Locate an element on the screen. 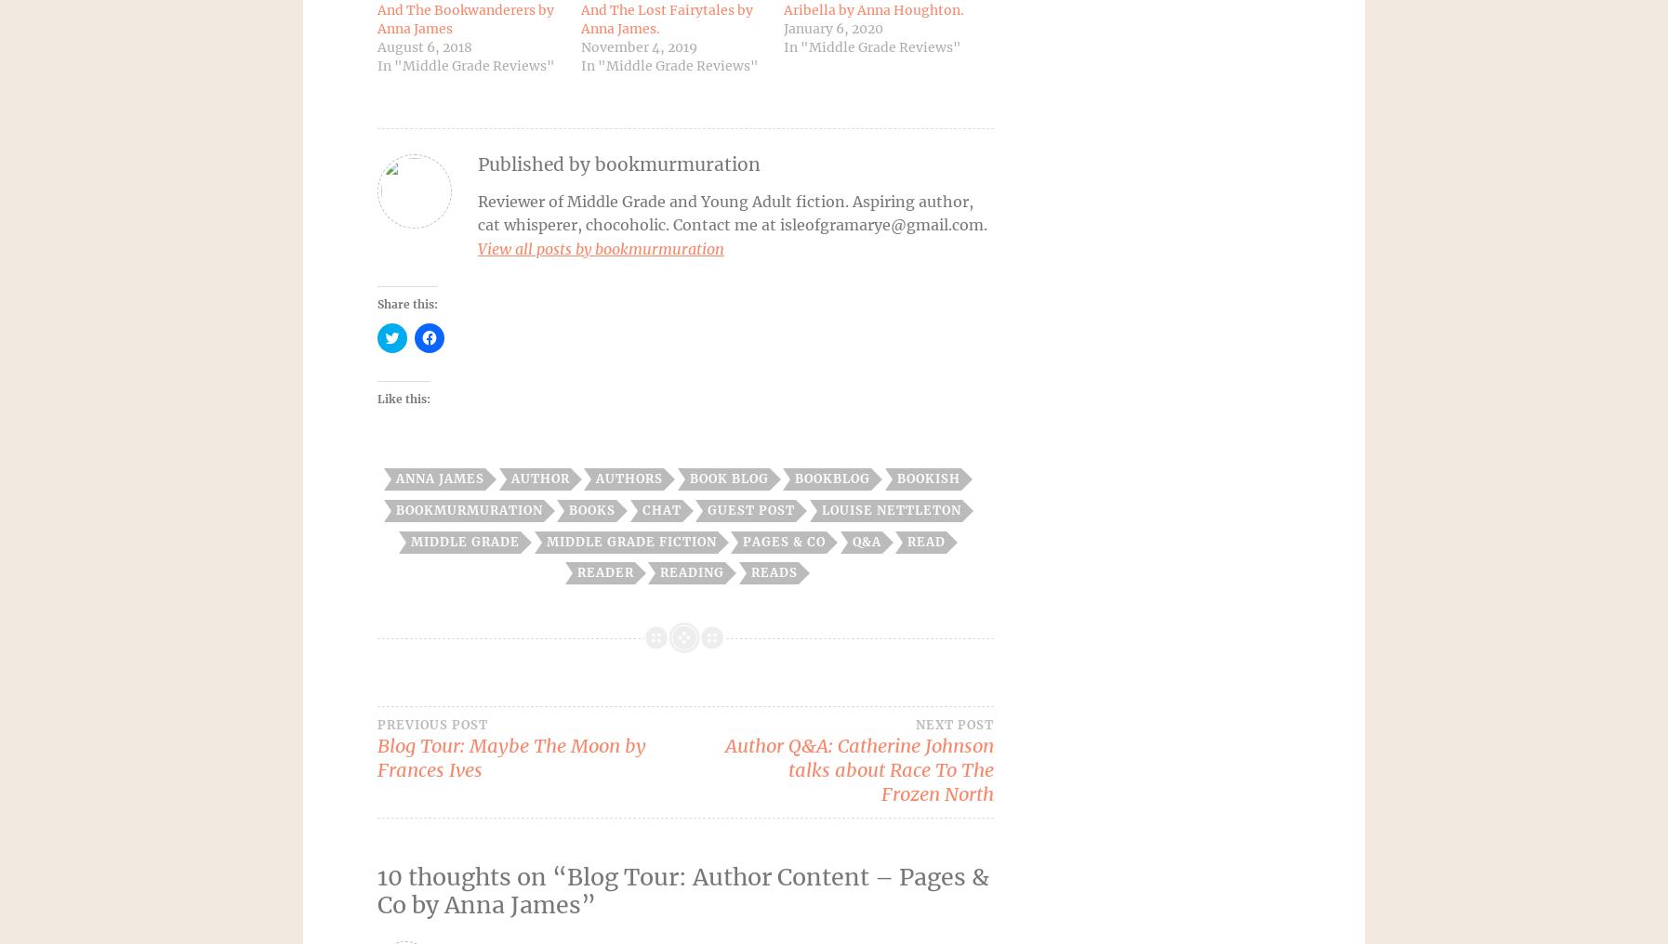  'reader' is located at coordinates (604, 572).